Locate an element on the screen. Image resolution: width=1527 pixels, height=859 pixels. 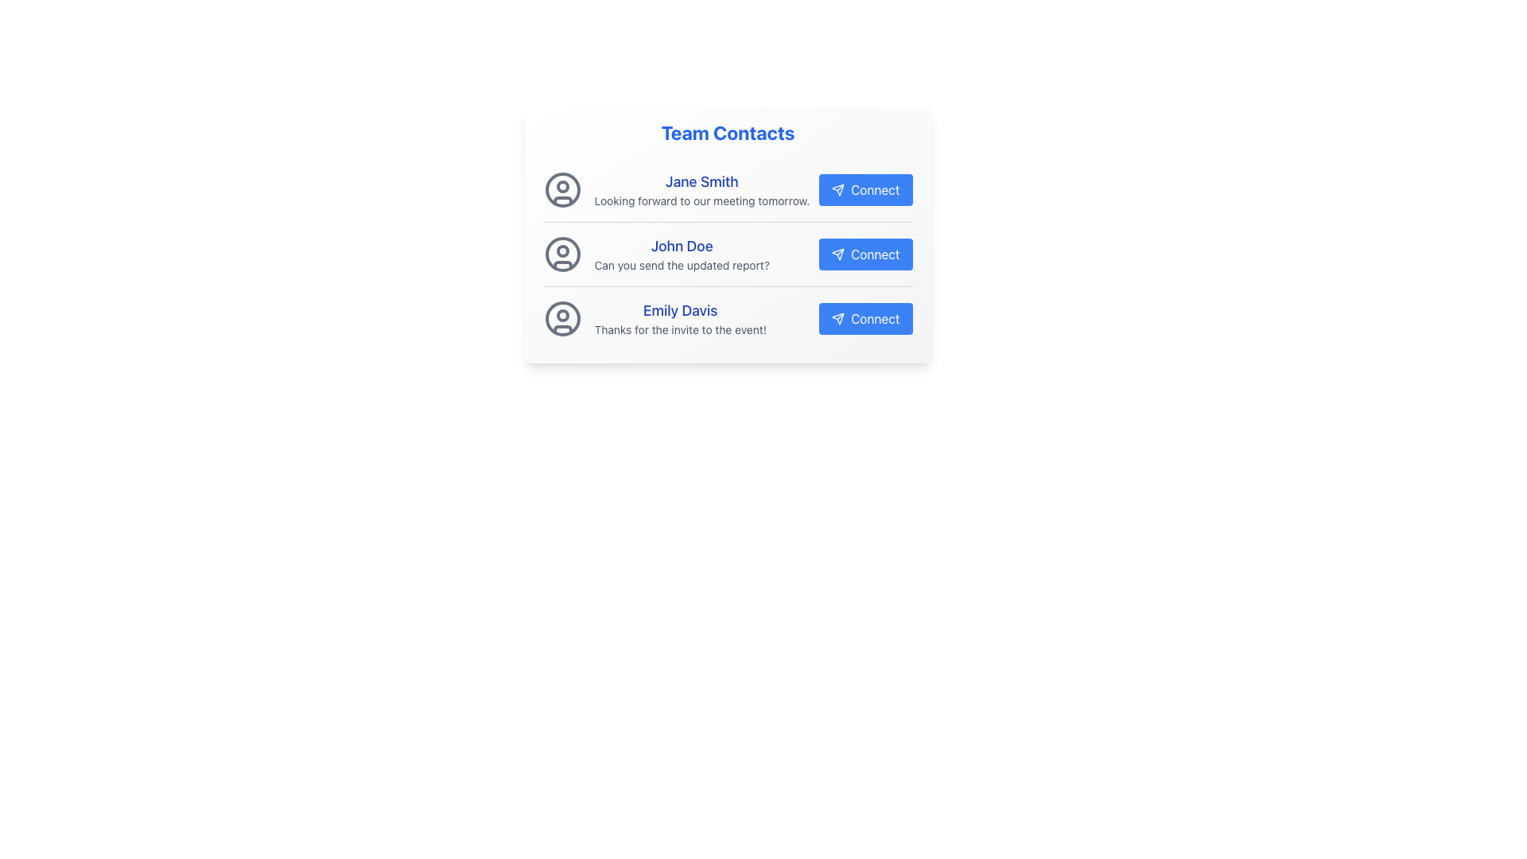
the status update text located in the bottom row of the 'Team Contacts' list, under the name 'Emily Davis', to the left of the 'Connect' button is located at coordinates (680, 329).